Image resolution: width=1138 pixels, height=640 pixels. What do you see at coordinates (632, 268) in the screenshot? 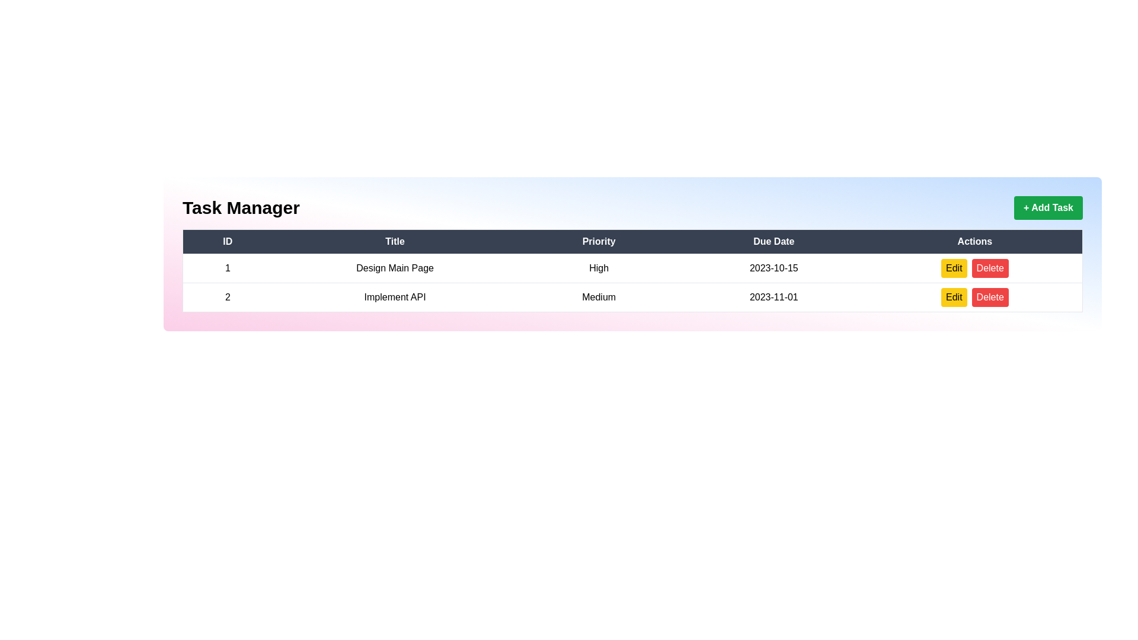
I see `the first row of the table` at bounding box center [632, 268].